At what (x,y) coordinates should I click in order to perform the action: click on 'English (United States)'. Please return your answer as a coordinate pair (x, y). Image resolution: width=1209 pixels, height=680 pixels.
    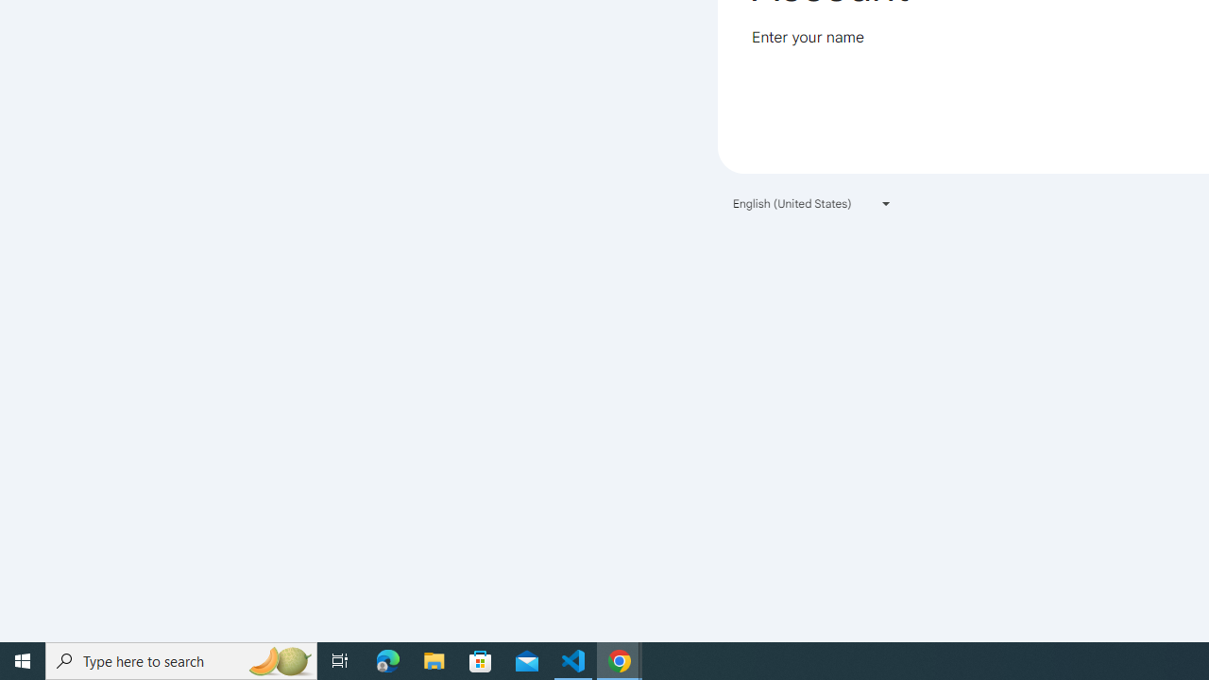
    Looking at the image, I should click on (812, 203).